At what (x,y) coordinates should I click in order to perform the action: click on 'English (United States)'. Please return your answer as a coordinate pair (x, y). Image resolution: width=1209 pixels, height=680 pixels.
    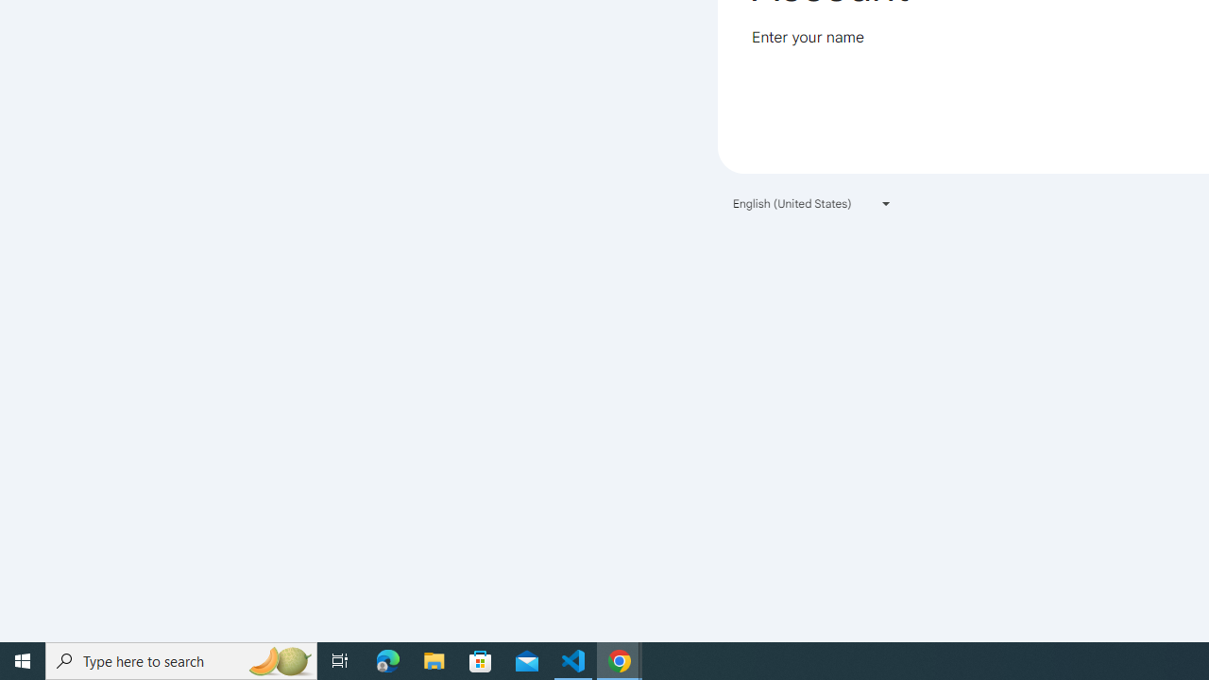
    Looking at the image, I should click on (812, 203).